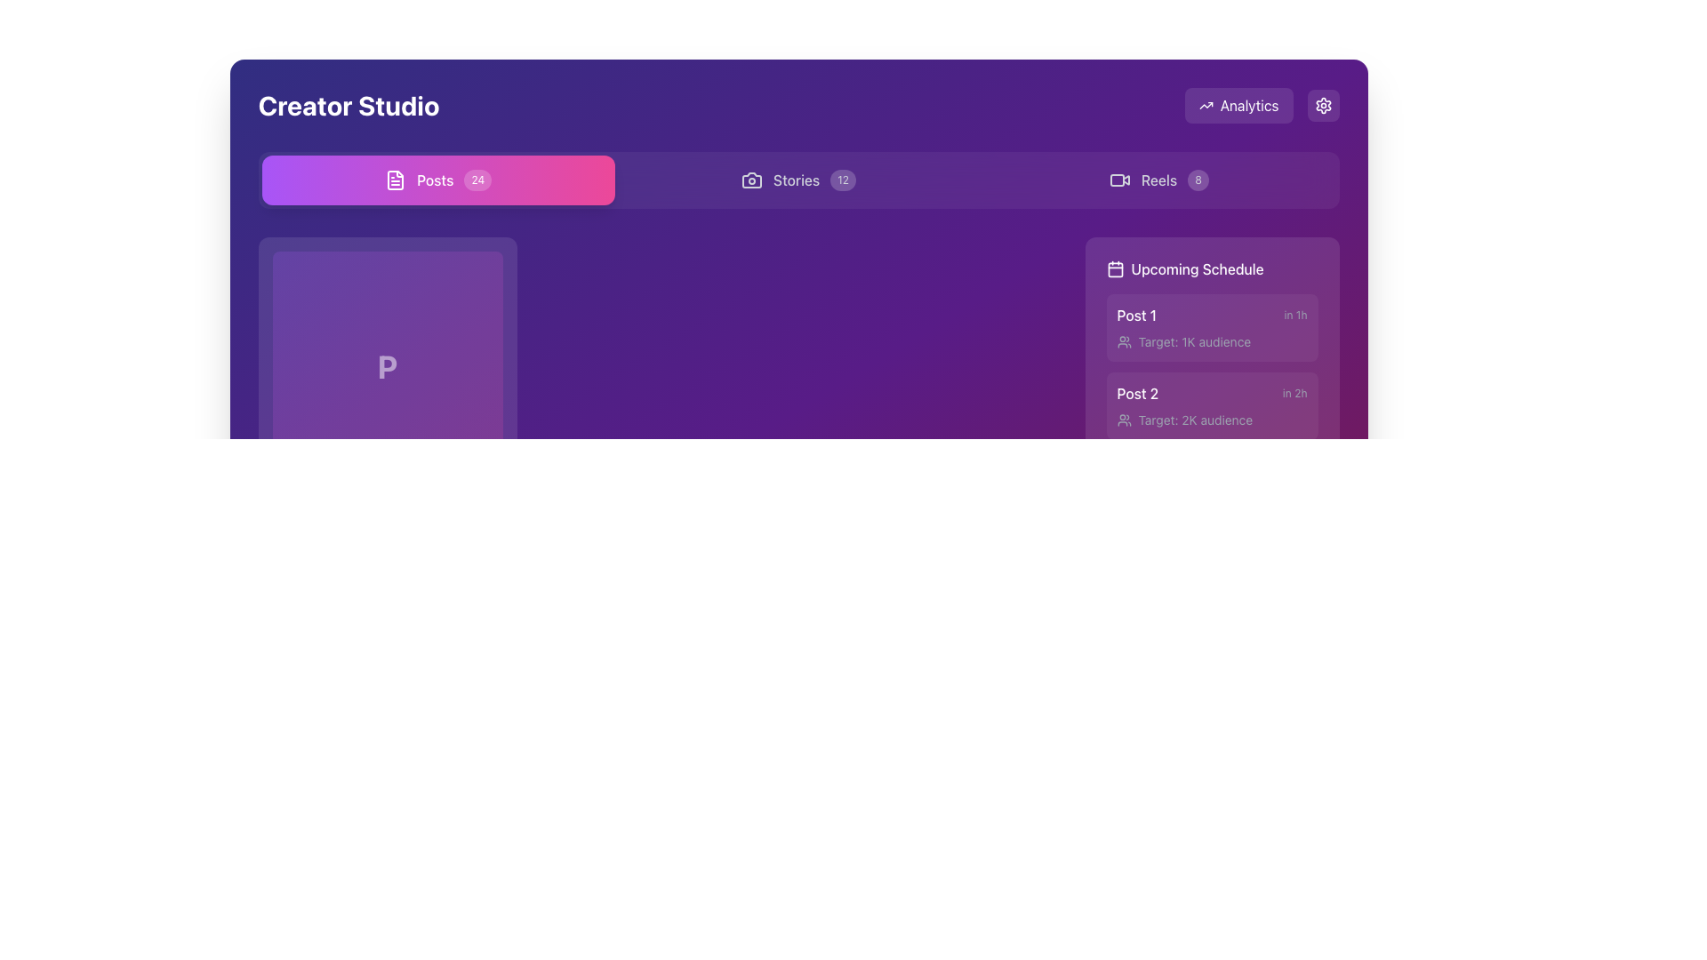 The width and height of the screenshot is (1707, 960). Describe the element at coordinates (1136, 393) in the screenshot. I see `the static text label 'Post 2' in the Upcoming Schedule sidebar` at that location.